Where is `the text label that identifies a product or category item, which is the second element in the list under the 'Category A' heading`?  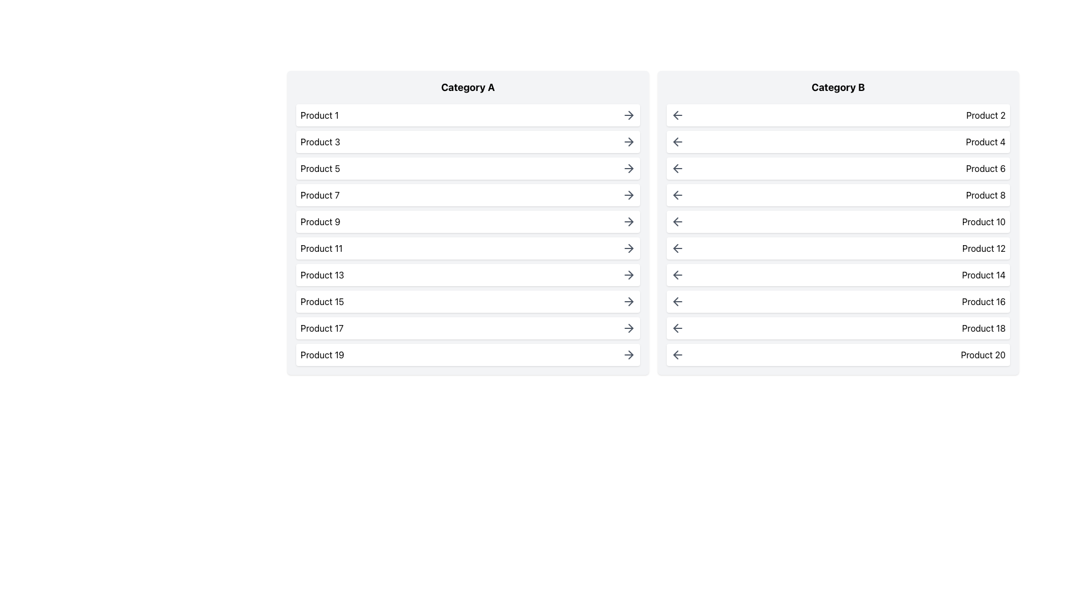
the text label that identifies a product or category item, which is the second element in the list under the 'Category A' heading is located at coordinates (319, 141).